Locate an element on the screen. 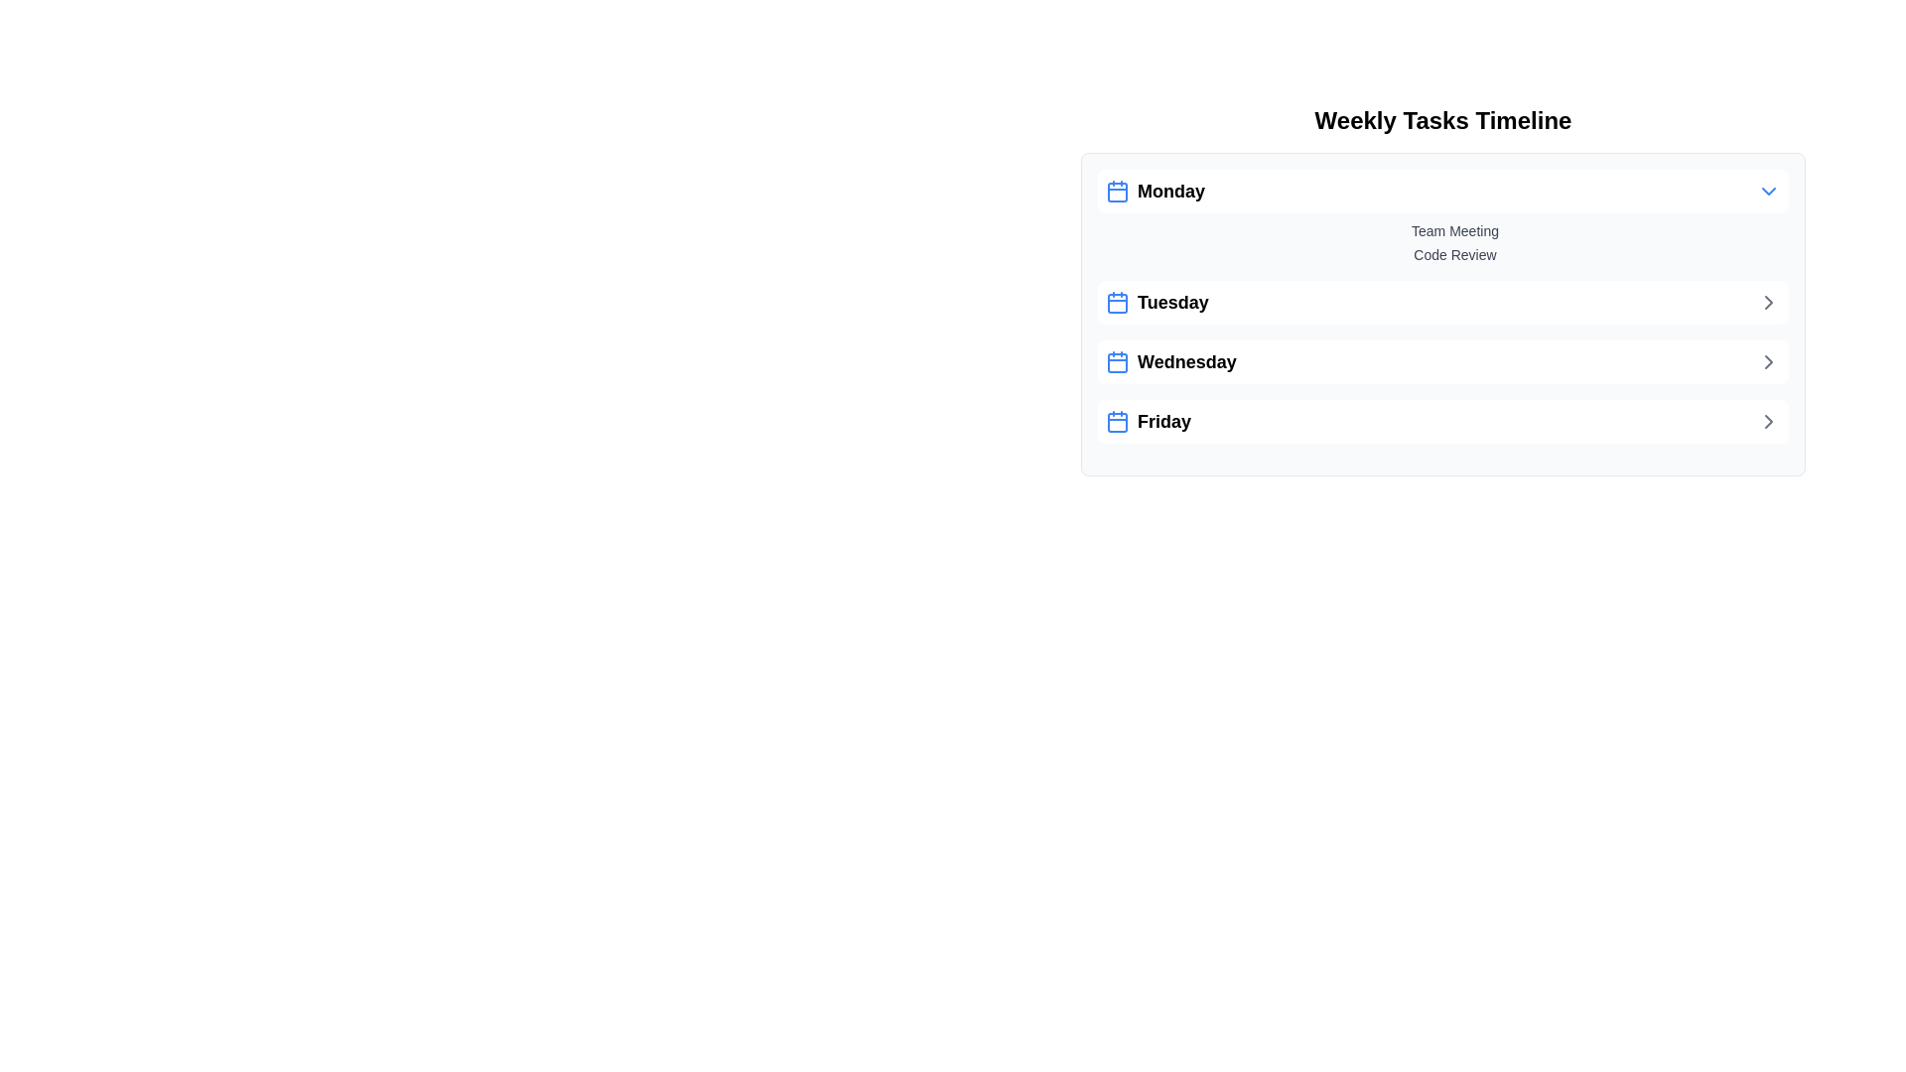  the list item displaying 'Friday' with a blue calendar icon, which is the fourth item in the 'Weekly Tasks Timeline' section is located at coordinates (1148, 420).